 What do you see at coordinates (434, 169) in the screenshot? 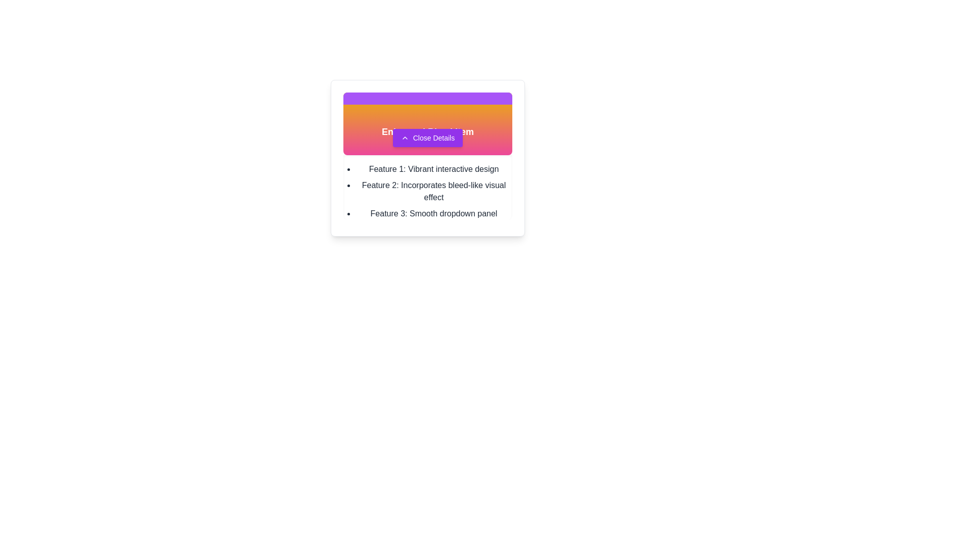
I see `the text fragment that reads 'Feature 1: Vibrant interactive design', which is the first item in a bulleted list` at bounding box center [434, 169].